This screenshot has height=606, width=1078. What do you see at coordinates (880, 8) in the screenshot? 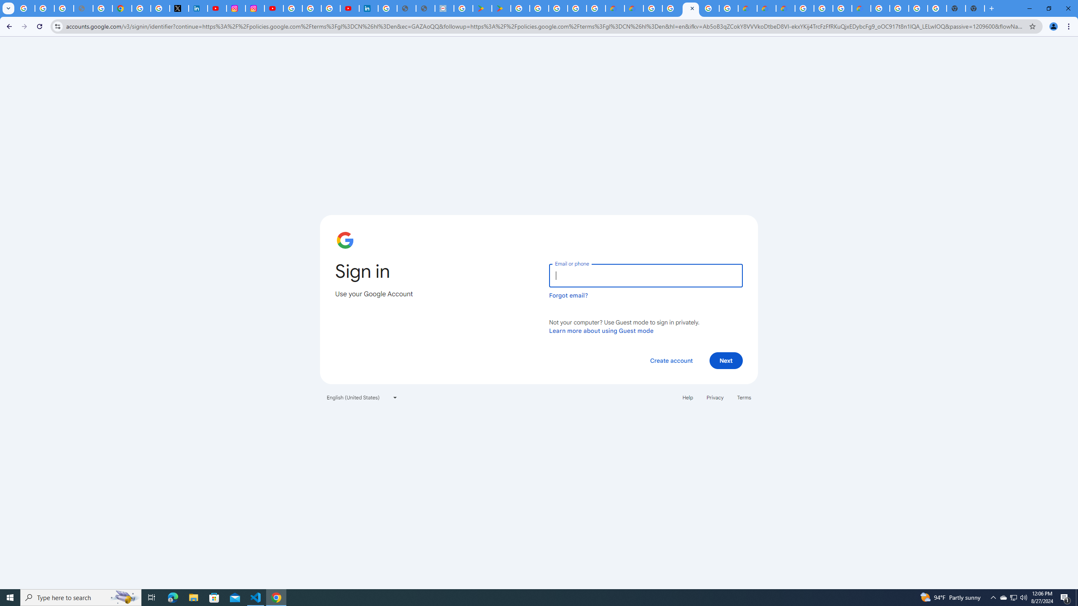
I see `'Google Cloud Platform'` at bounding box center [880, 8].